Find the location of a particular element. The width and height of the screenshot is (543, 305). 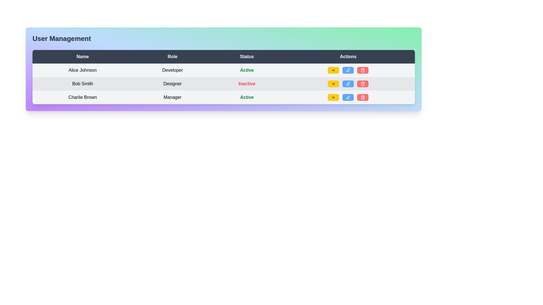

the text label displaying 'Active' in green, which is located in the 'Status' column of the first row corresponding to user 'Alice Johnson' is located at coordinates (247, 70).